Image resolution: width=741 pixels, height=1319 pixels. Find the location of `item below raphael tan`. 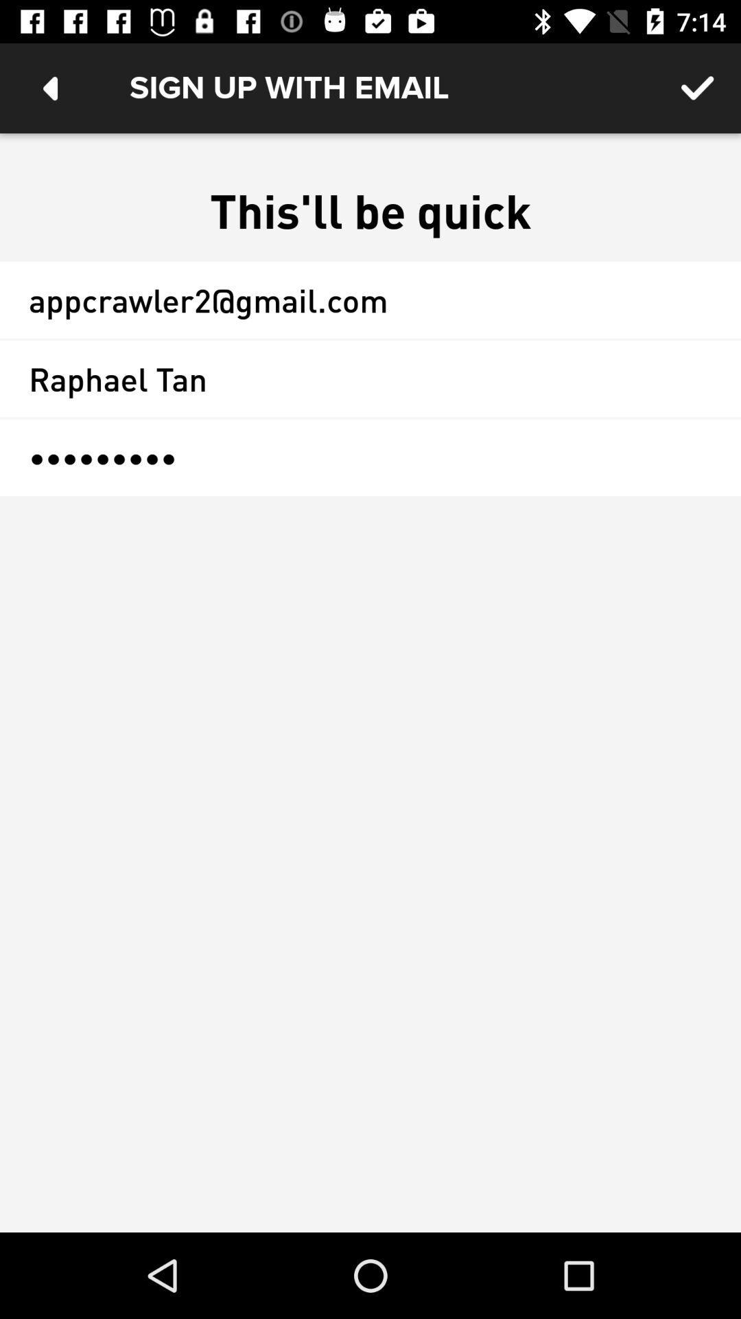

item below raphael tan is located at coordinates (370, 458).